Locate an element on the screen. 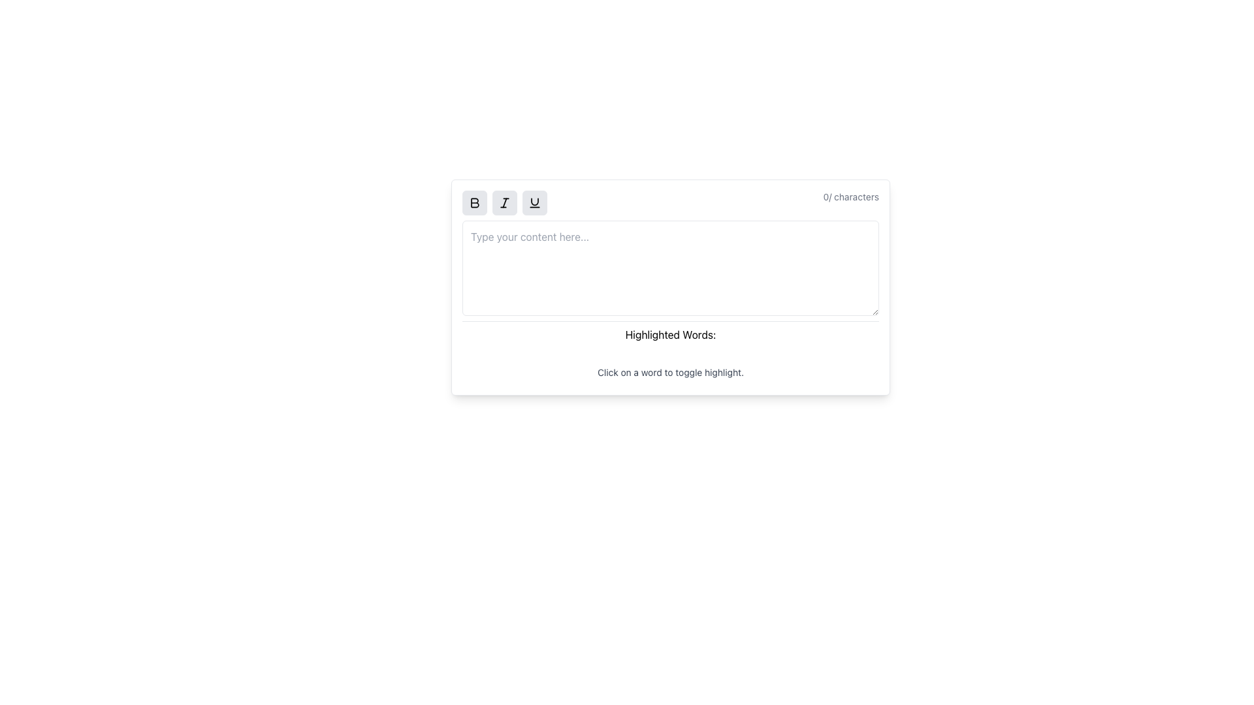 The image size is (1254, 705). the bold formatting button located in the top-left portion of the toolbar is located at coordinates (474, 203).